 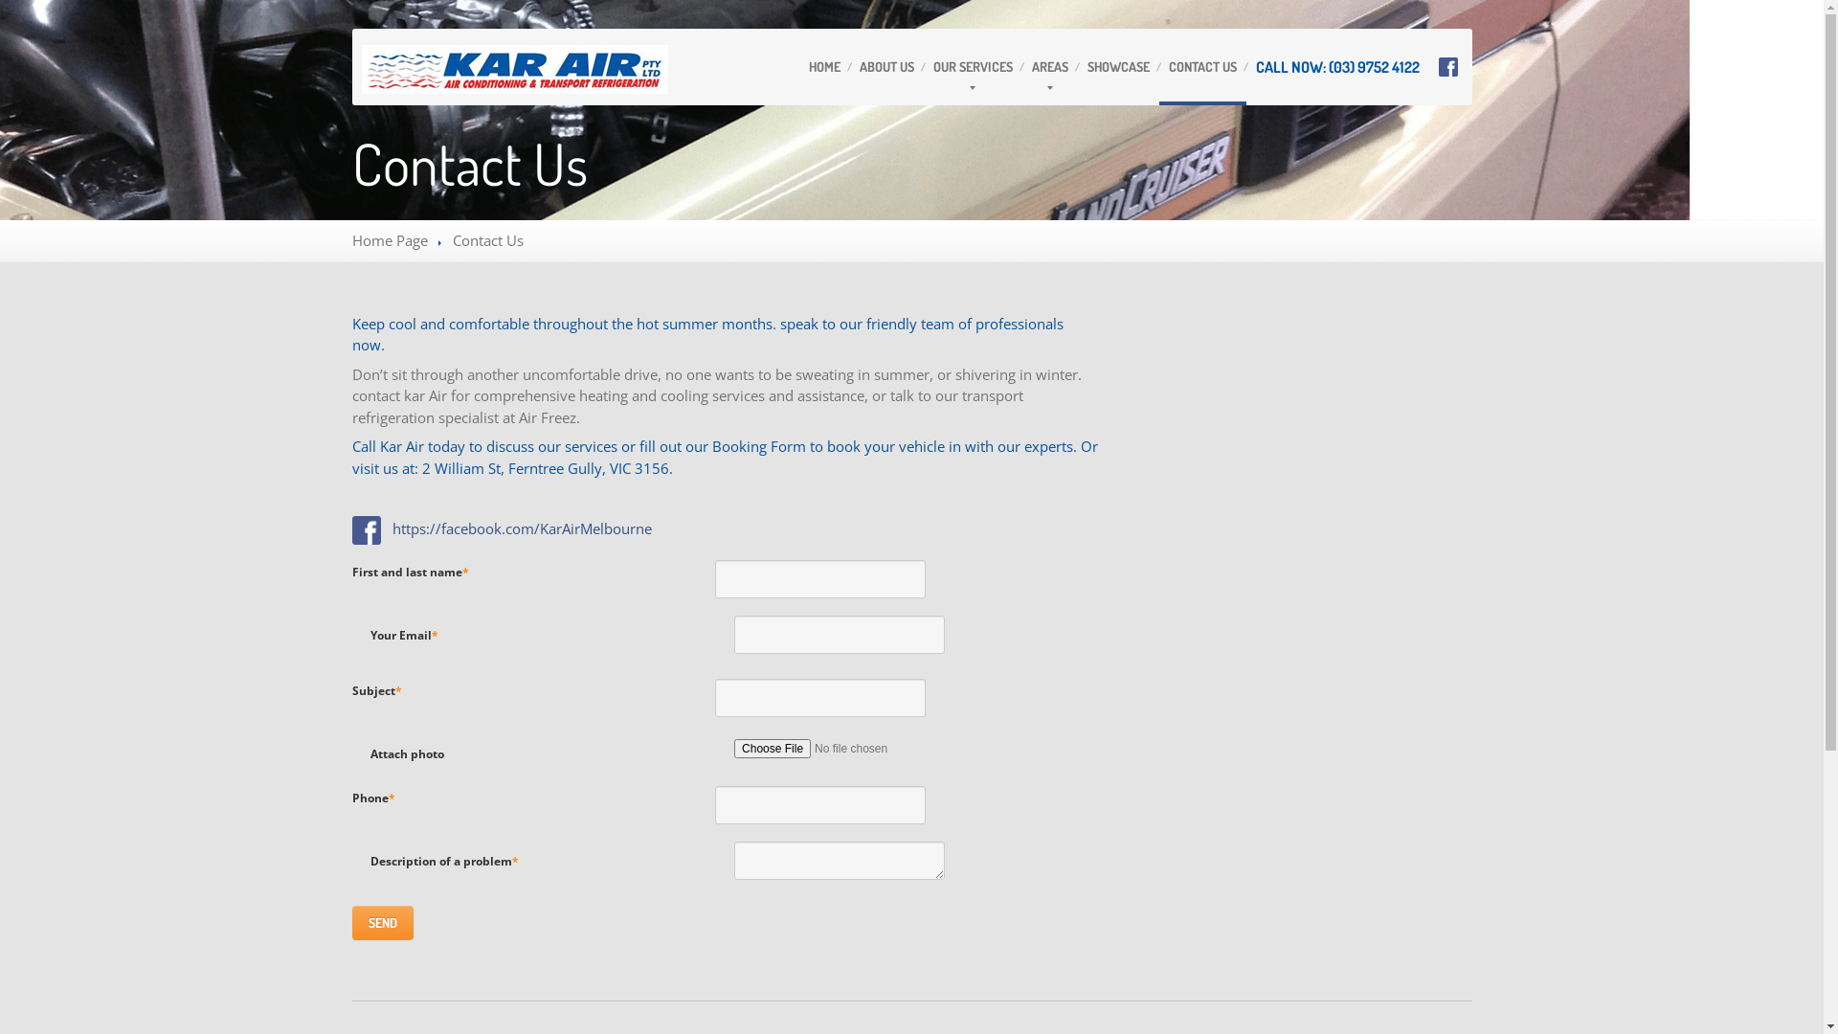 What do you see at coordinates (972, 65) in the screenshot?
I see `'OUR SERVICES'` at bounding box center [972, 65].